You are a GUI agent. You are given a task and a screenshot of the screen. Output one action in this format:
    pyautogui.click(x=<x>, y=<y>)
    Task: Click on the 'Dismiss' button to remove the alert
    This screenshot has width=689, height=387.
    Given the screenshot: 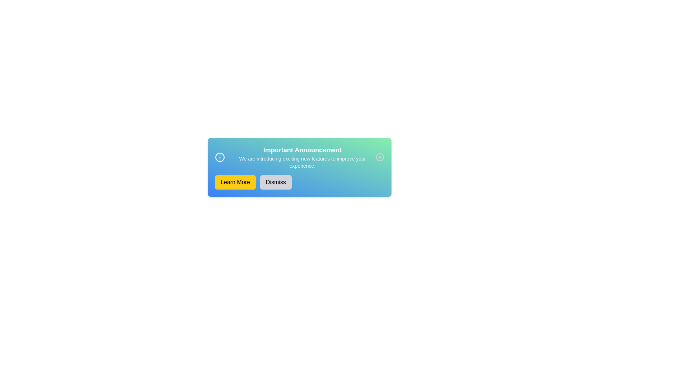 What is the action you would take?
    pyautogui.click(x=275, y=182)
    